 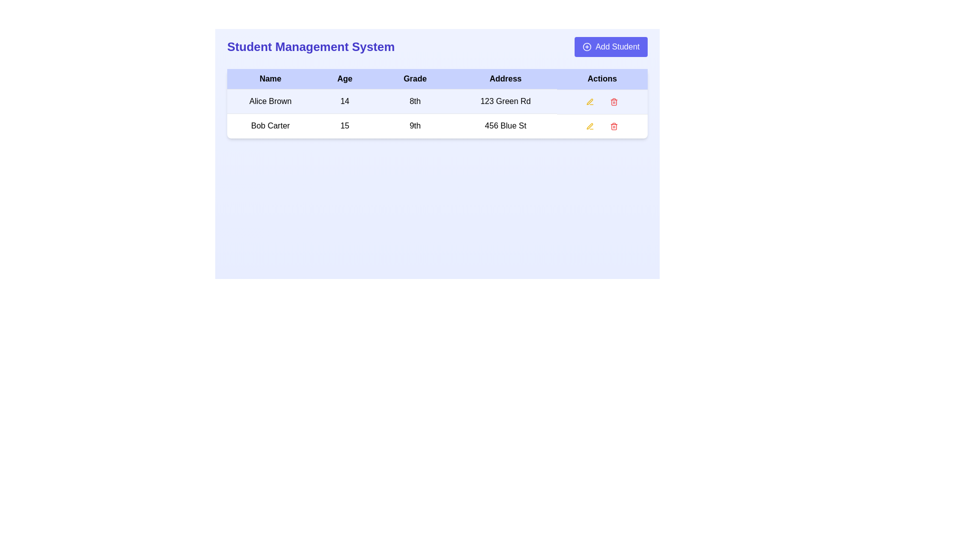 I want to click on the 'Add Student' button located at the top-right corner of the content area, so click(x=617, y=46).